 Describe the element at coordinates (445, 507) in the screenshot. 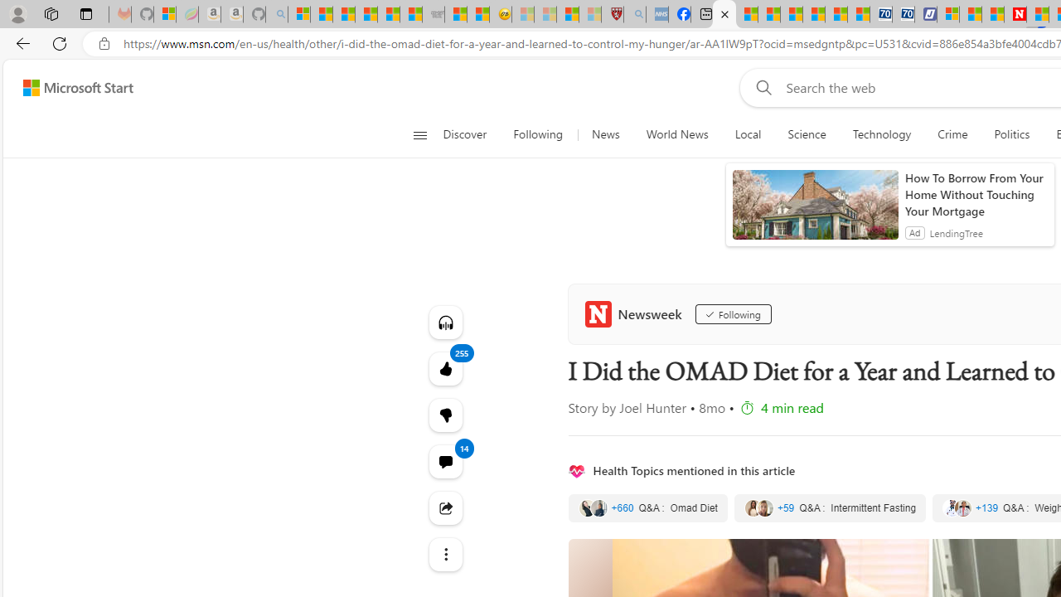

I see `'Share this story'` at that location.